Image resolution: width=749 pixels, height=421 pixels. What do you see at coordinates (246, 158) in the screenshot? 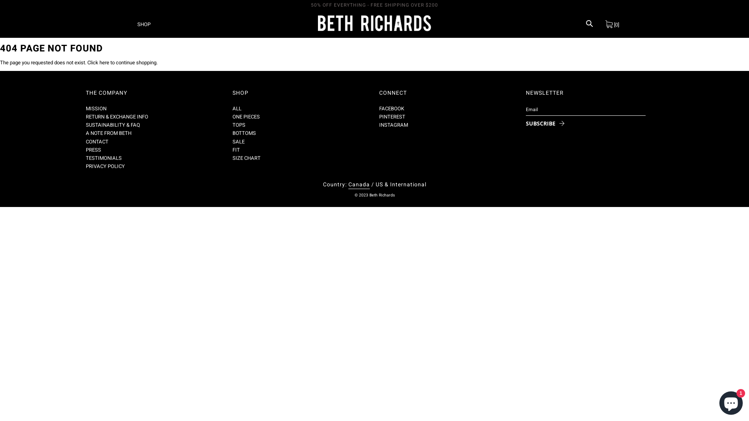
I see `'SIZE CHART'` at bounding box center [246, 158].